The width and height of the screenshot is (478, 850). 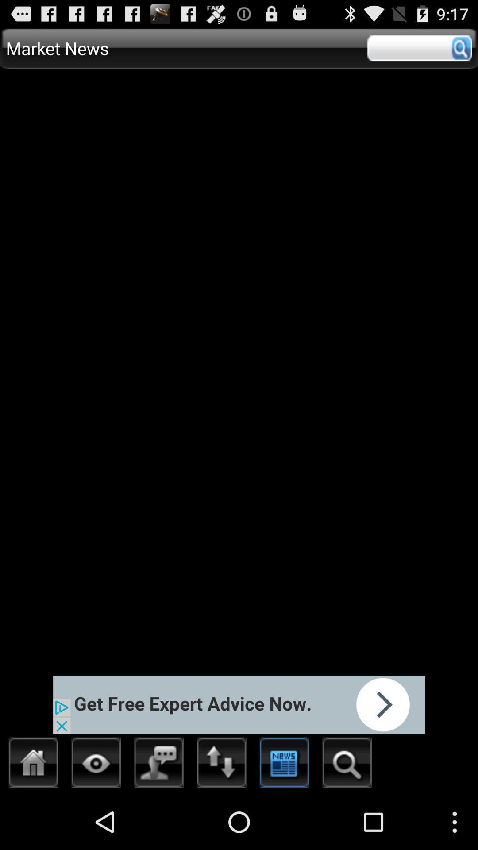 I want to click on the search icon, so click(x=347, y=818).